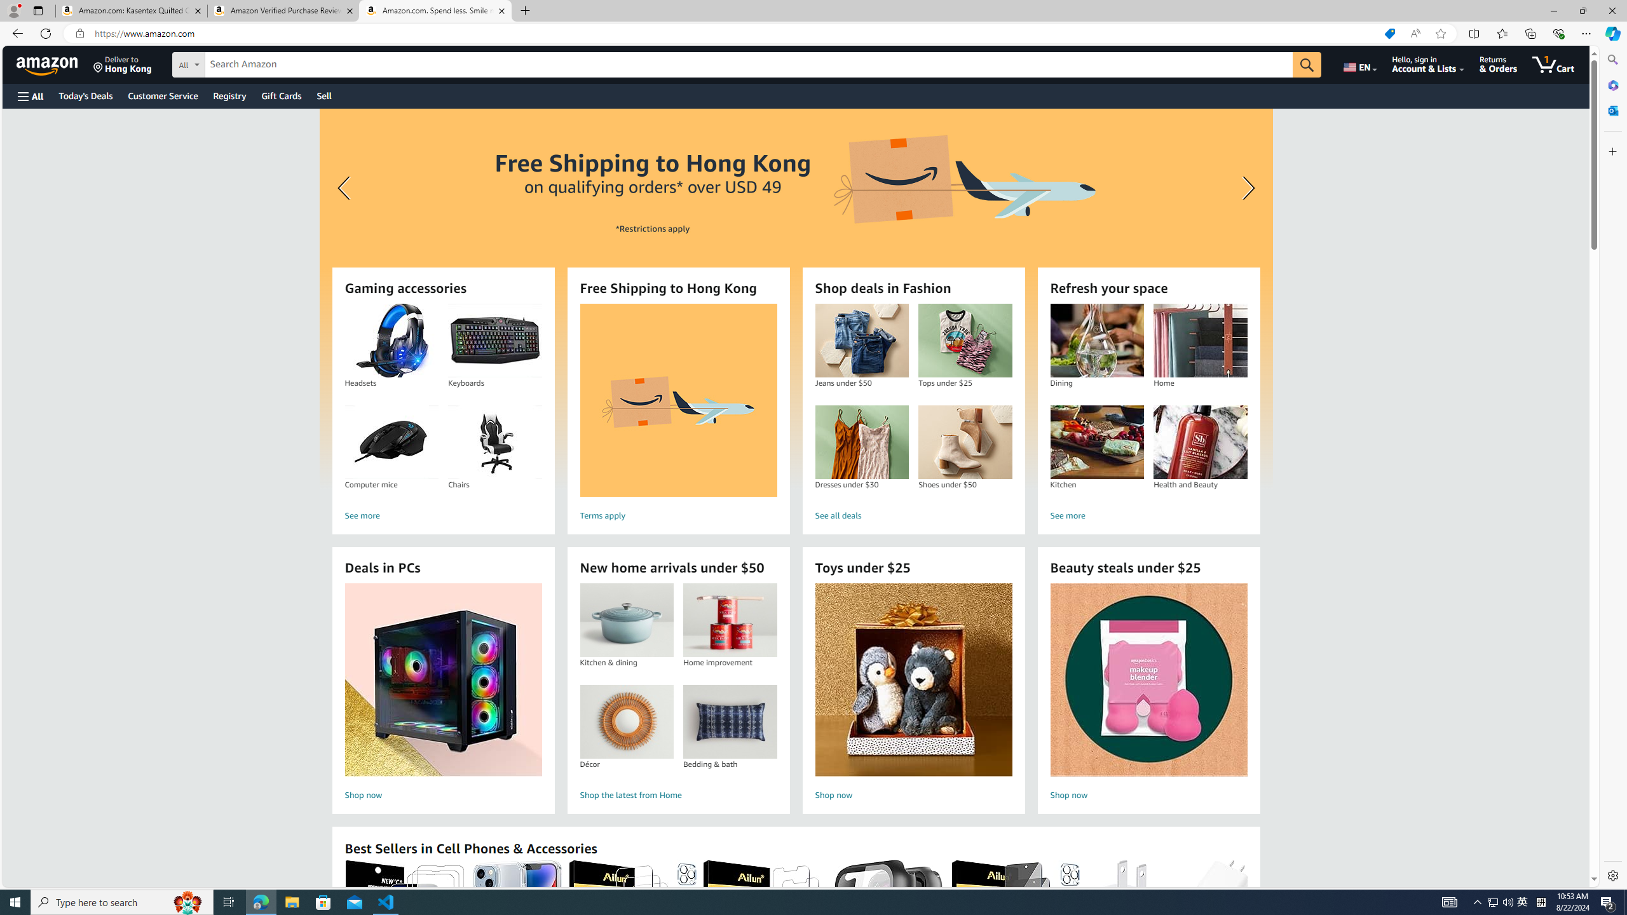  What do you see at coordinates (435, 10) in the screenshot?
I see `'Amazon.com. Spend less. Smile more.'` at bounding box center [435, 10].